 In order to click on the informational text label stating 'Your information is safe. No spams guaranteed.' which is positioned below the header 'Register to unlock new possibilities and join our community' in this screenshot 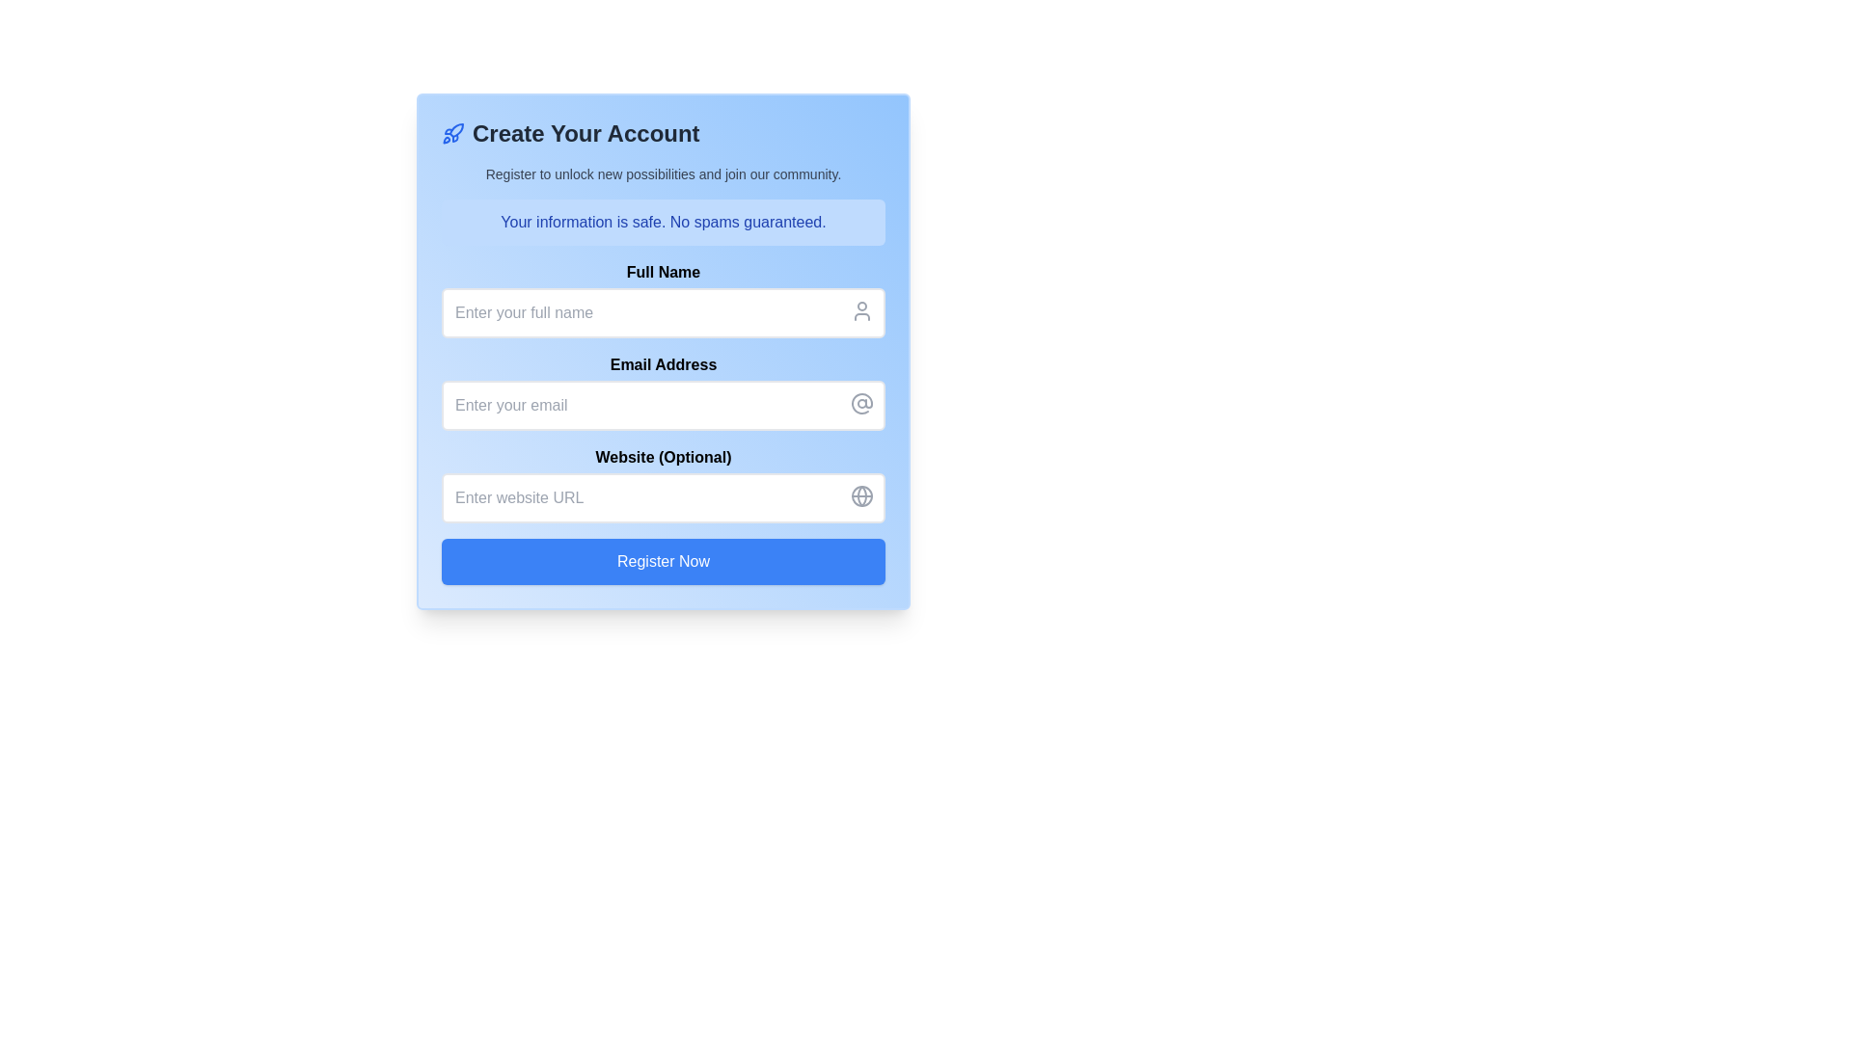, I will do `click(663, 222)`.